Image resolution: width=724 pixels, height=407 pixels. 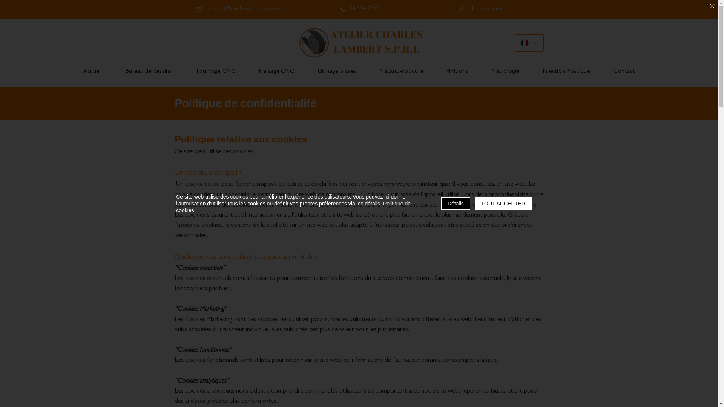 What do you see at coordinates (149, 72) in the screenshot?
I see `'Bureau de dessins'` at bounding box center [149, 72].